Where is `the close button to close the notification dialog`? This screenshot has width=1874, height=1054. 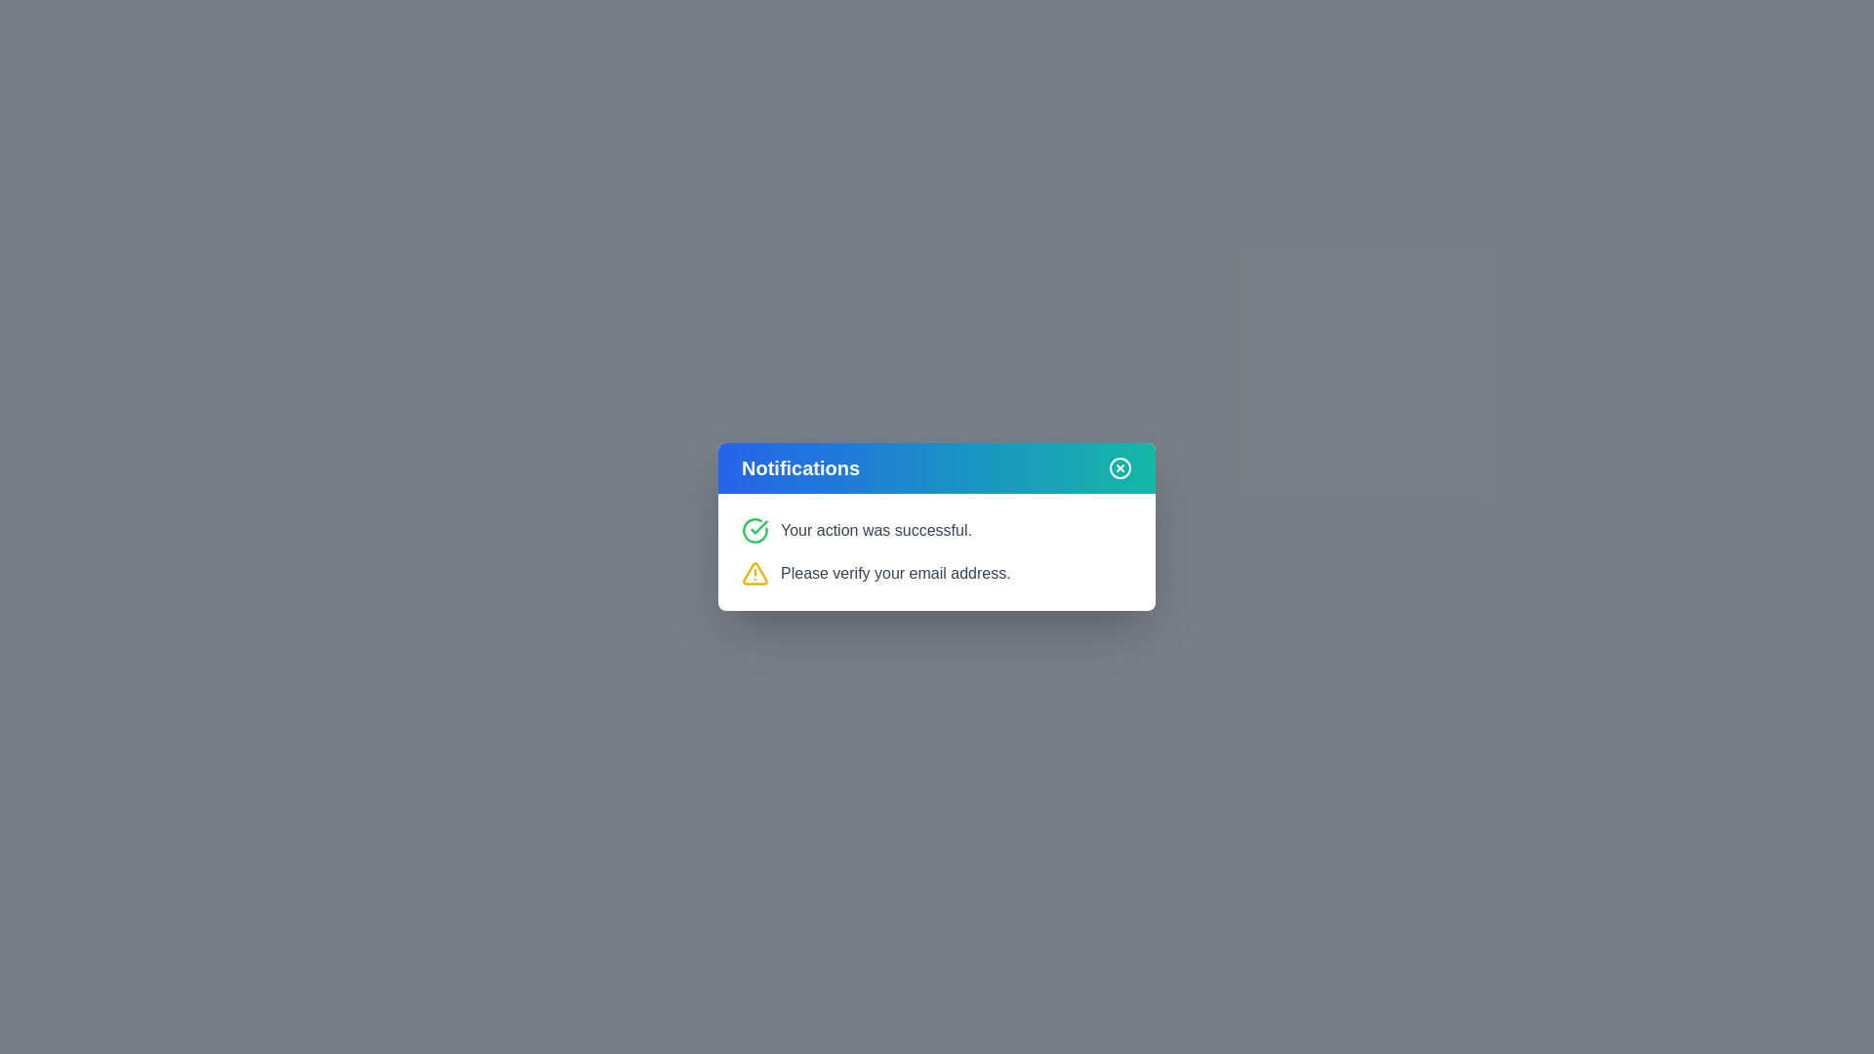
the close button to close the notification dialog is located at coordinates (1120, 467).